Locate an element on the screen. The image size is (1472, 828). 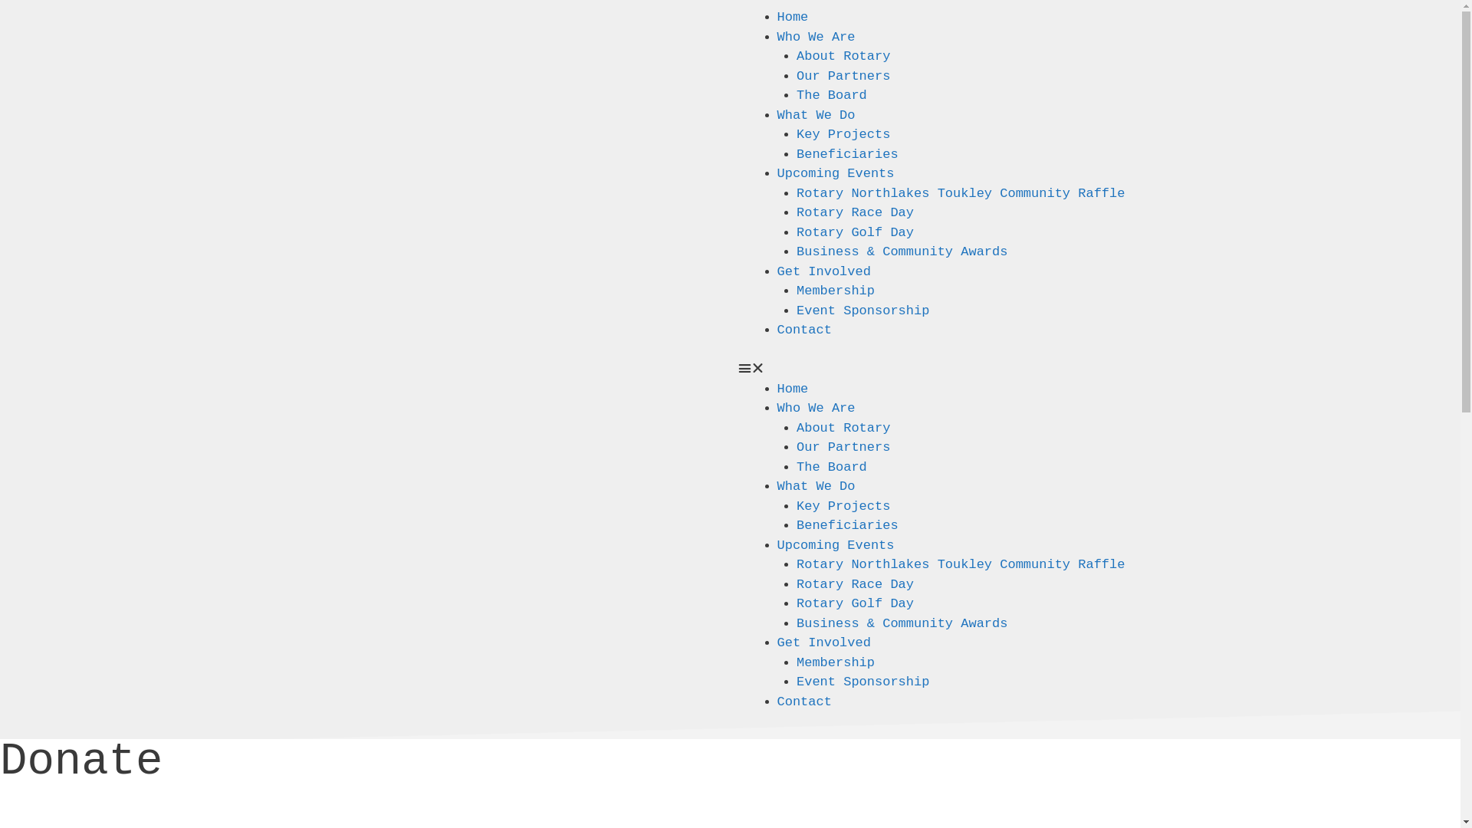
'Contact' is located at coordinates (803, 329).